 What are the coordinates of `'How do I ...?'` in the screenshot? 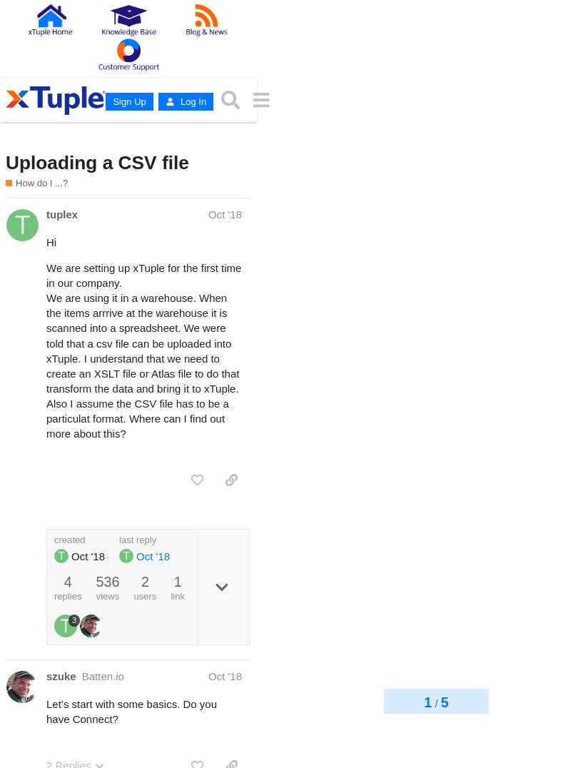 It's located at (41, 183).